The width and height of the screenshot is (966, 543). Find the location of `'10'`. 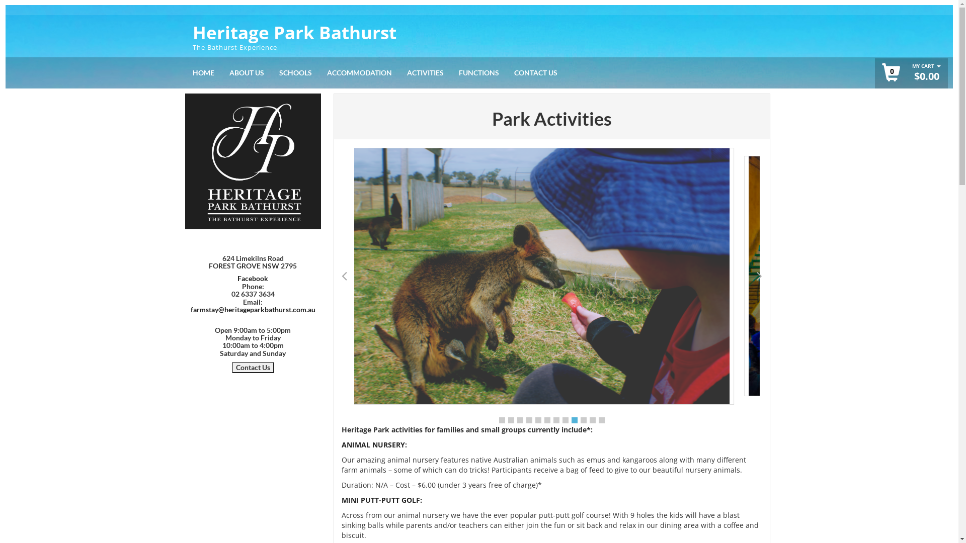

'10' is located at coordinates (584, 420).